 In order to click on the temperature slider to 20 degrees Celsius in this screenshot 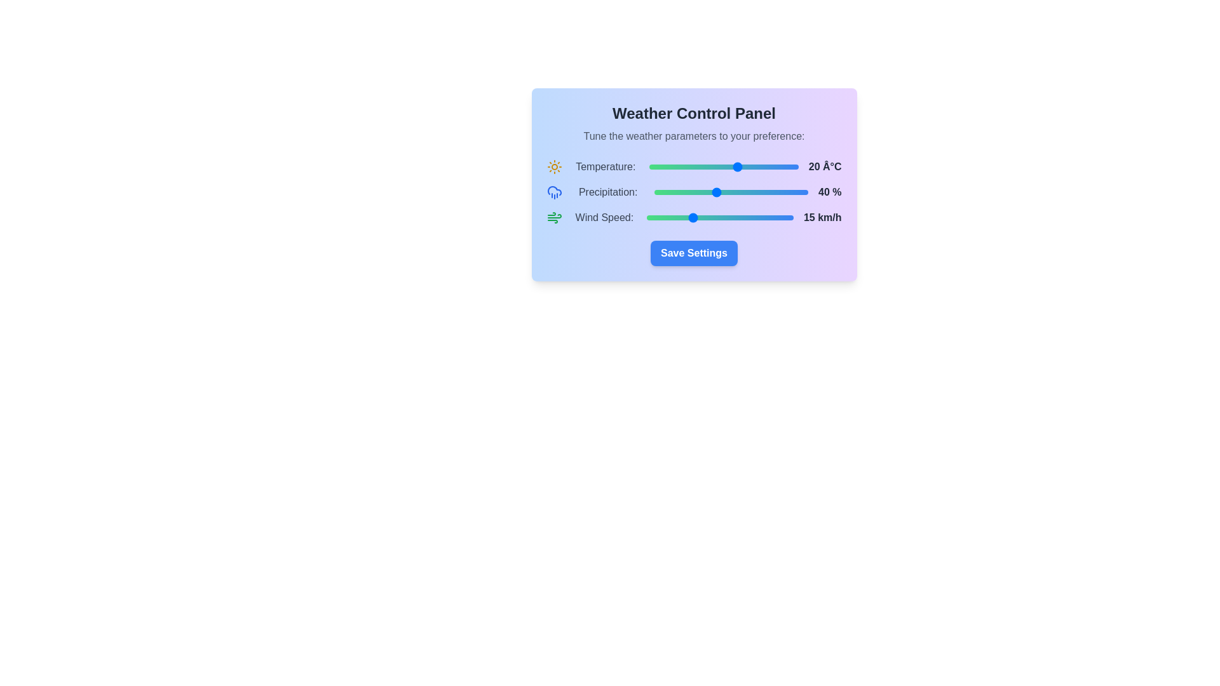, I will do `click(738, 166)`.